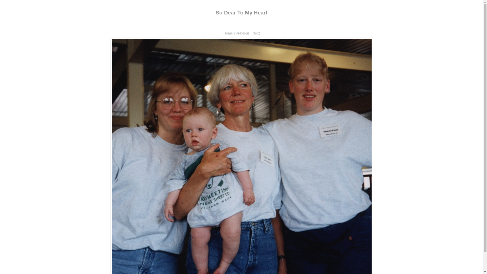  What do you see at coordinates (223, 33) in the screenshot?
I see `'Home'` at bounding box center [223, 33].